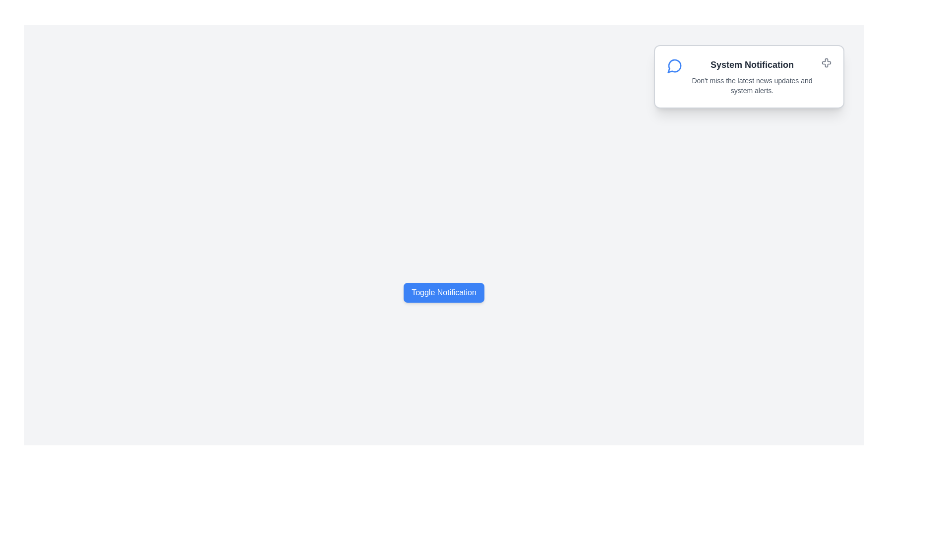  What do you see at coordinates (752, 76) in the screenshot?
I see `the Informational text display component located on the top-right area of the main interface, which conveys notification or alert information` at bounding box center [752, 76].